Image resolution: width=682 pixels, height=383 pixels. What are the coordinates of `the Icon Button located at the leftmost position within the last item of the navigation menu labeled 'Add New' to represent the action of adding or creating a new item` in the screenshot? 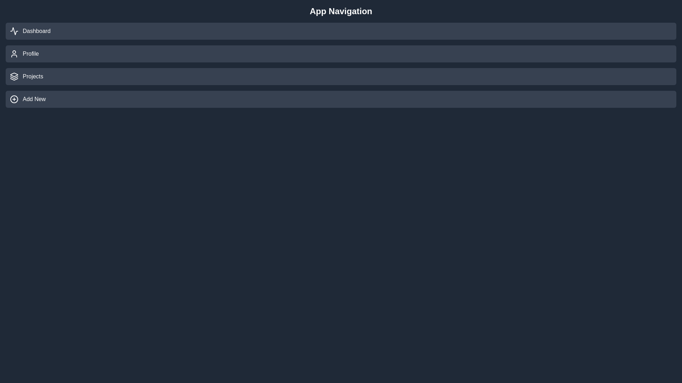 It's located at (14, 99).